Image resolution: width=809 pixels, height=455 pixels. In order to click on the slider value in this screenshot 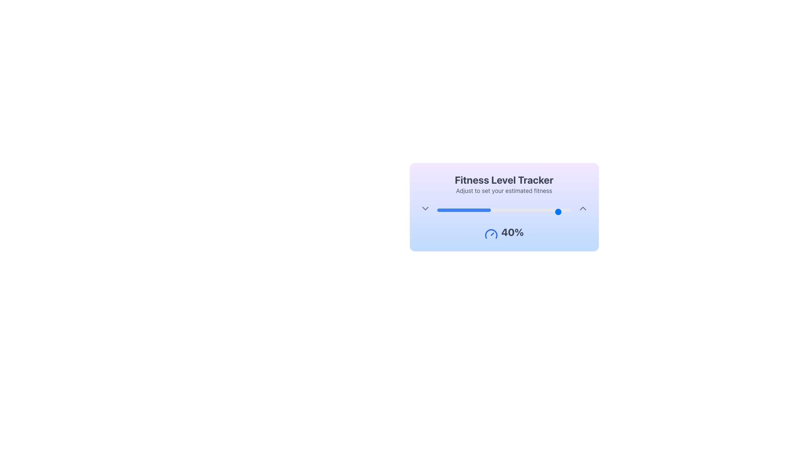, I will do `click(480, 208)`.